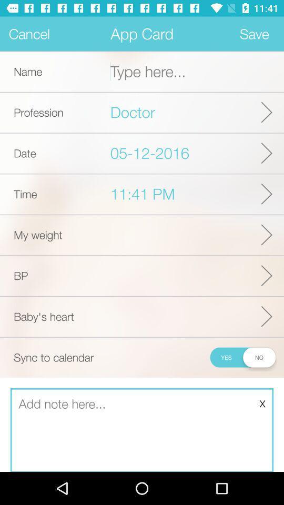 The image size is (284, 505). I want to click on x, so click(262, 403).